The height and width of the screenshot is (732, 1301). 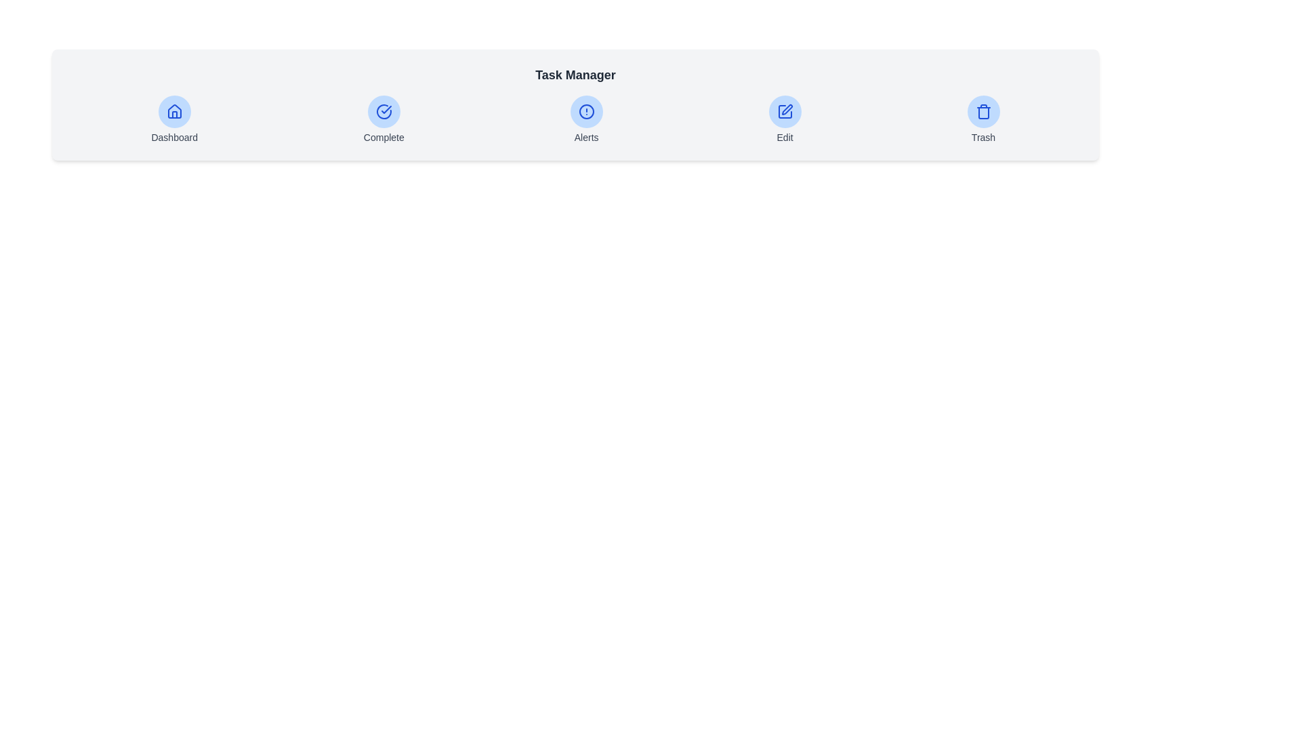 I want to click on the vertical rectangle representing the door of the house icon, located at the bottom-middle of the Dashboard icon, so click(x=173, y=114).